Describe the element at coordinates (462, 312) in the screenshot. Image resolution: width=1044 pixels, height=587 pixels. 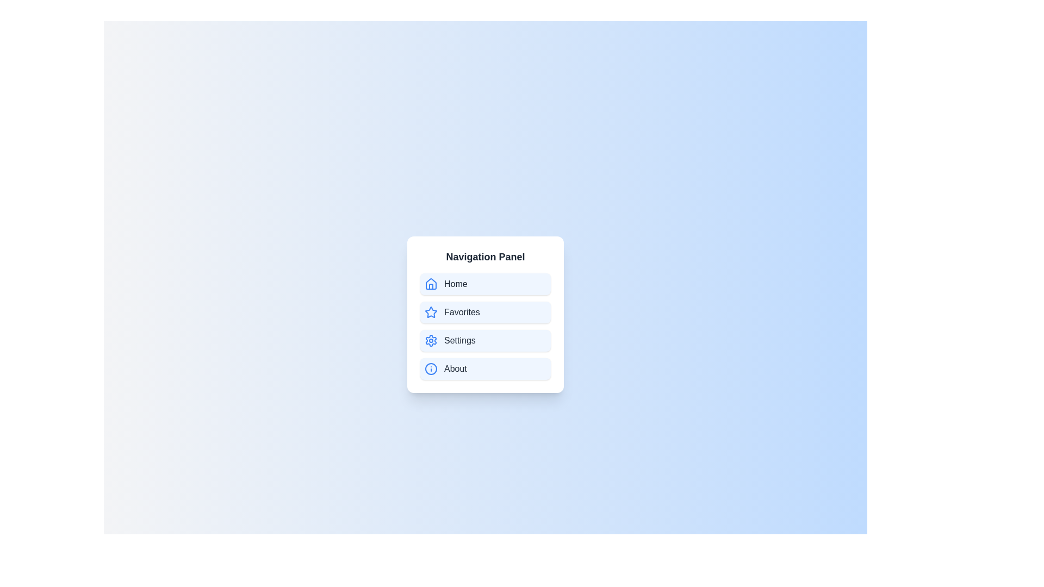
I see `the 'Favorites' text label located in the second entry of the navigation menu, which indicates access to the Favorites section` at that location.